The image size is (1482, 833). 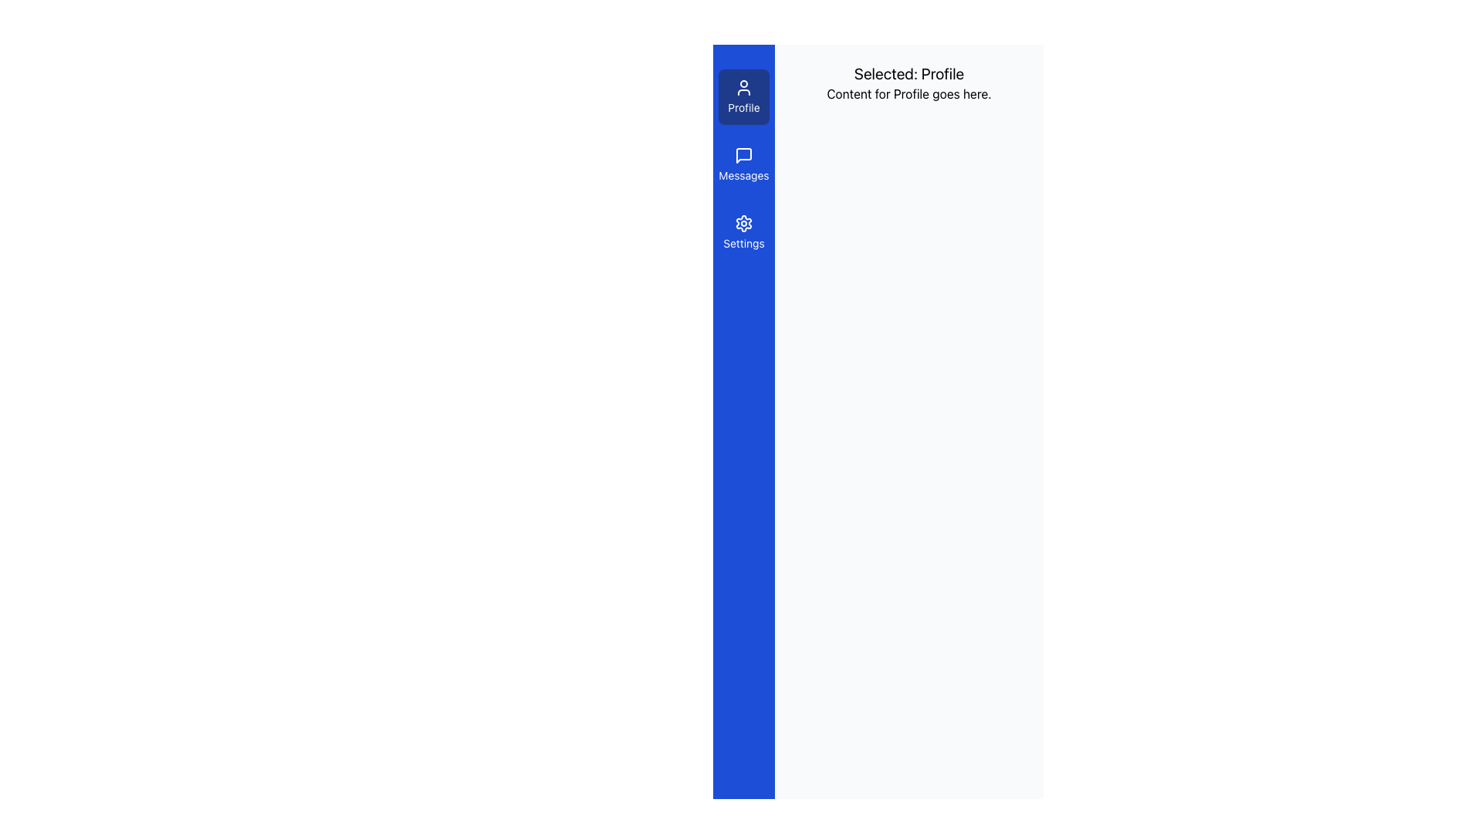 I want to click on the 'Messages' text label located, so click(x=744, y=174).